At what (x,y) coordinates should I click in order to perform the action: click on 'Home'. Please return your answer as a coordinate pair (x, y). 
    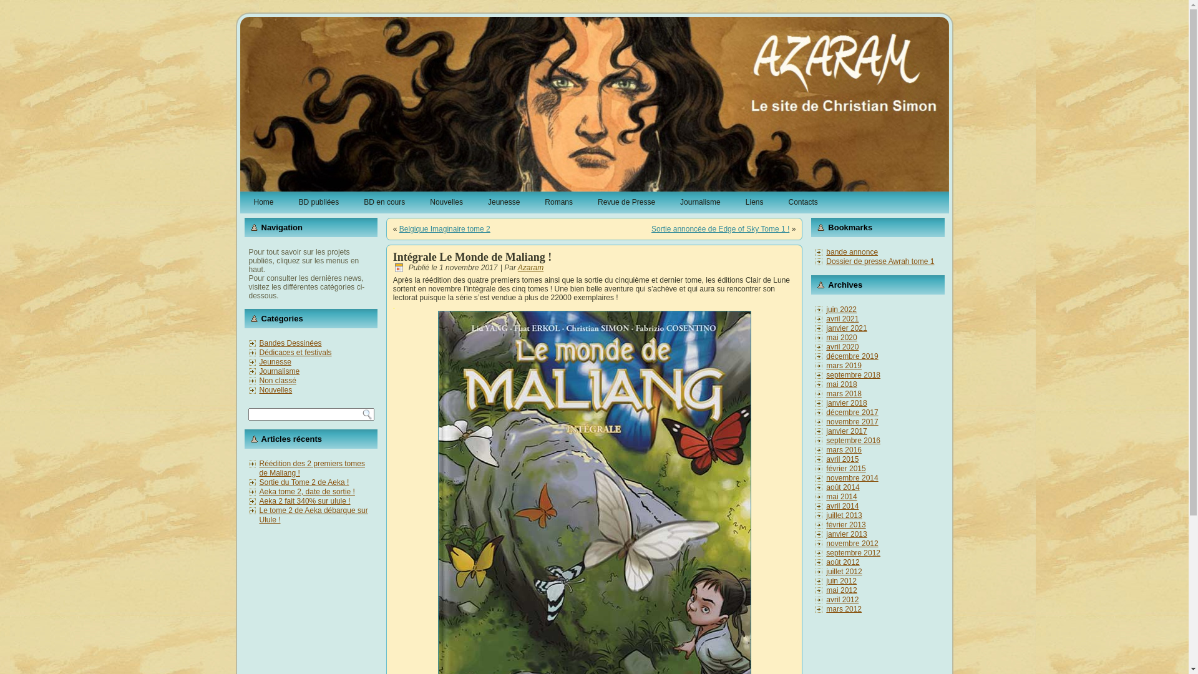
    Looking at the image, I should click on (243, 202).